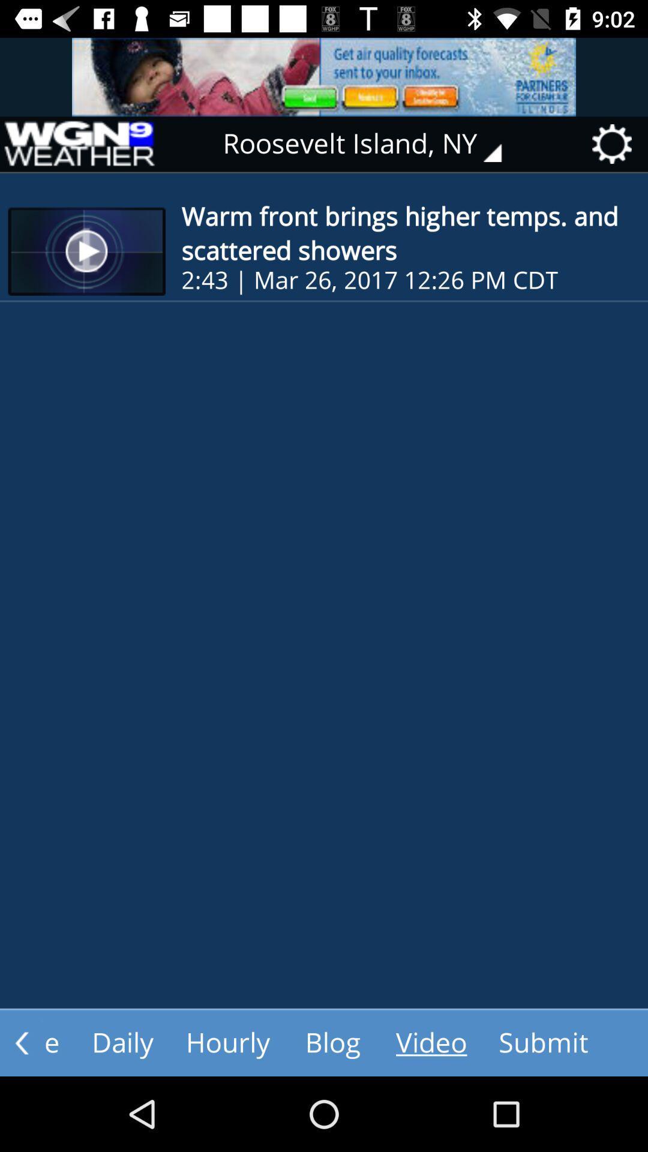 The width and height of the screenshot is (648, 1152). Describe the element at coordinates (544, 1042) in the screenshot. I see `submit` at that location.